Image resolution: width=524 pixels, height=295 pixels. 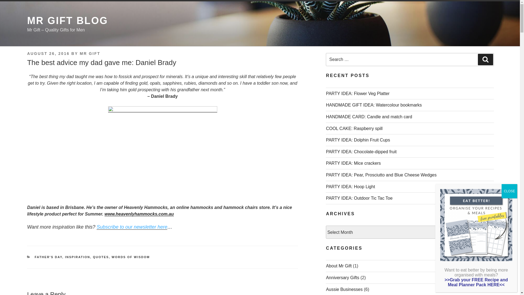 I want to click on 'MR GIFT', so click(x=90, y=54).